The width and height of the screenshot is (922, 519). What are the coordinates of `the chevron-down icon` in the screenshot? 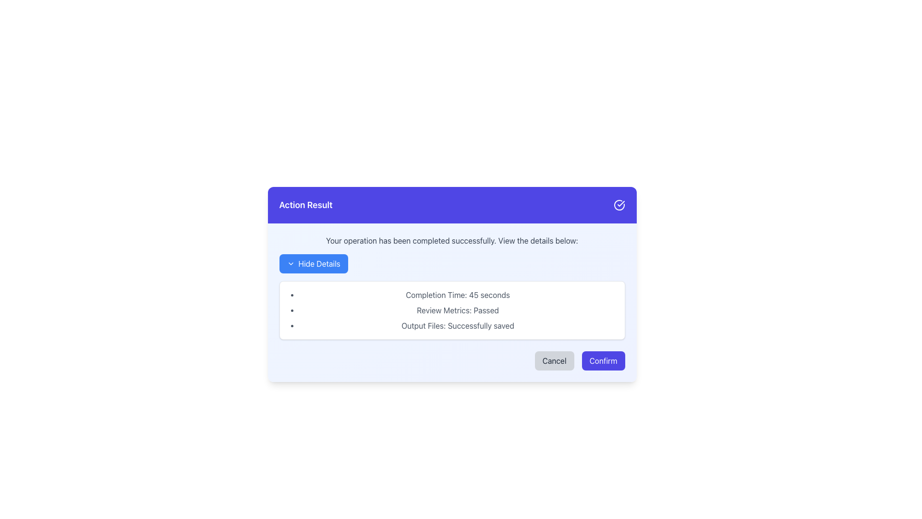 It's located at (290, 263).